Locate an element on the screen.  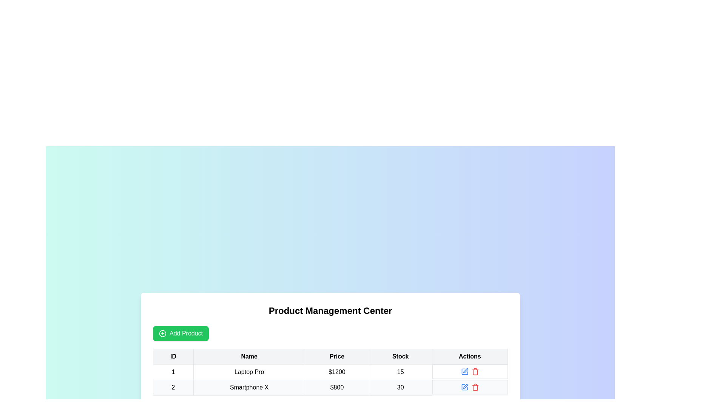
the fourth cell in the 'Stock' column displaying the current stock quantity for the product 'Laptop Pro' is located at coordinates (400, 371).